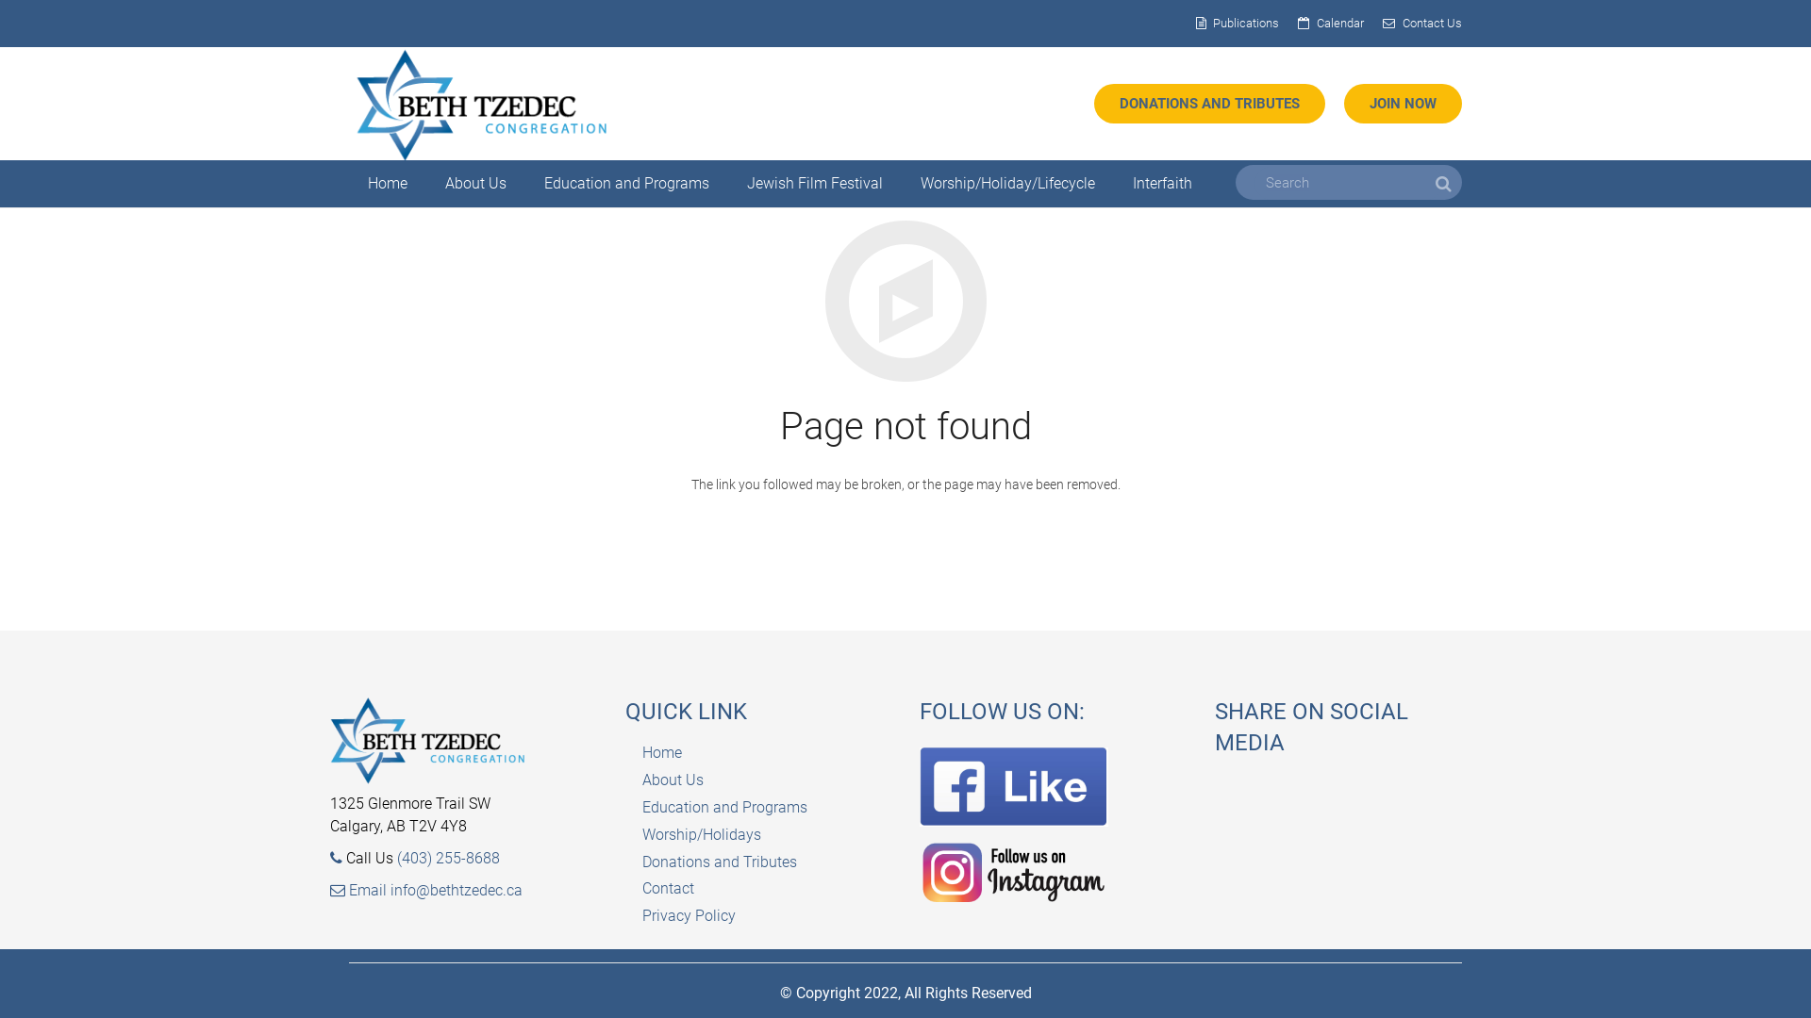 The width and height of the screenshot is (1811, 1018). What do you see at coordinates (723, 806) in the screenshot?
I see `'Education and Programs'` at bounding box center [723, 806].